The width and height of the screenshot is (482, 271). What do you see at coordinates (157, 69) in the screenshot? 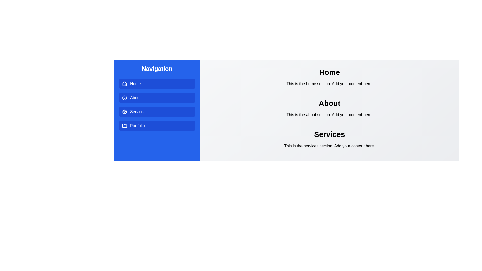
I see `the static text element serving as a header or title, located at the top of the vertical navigation panel` at bounding box center [157, 69].